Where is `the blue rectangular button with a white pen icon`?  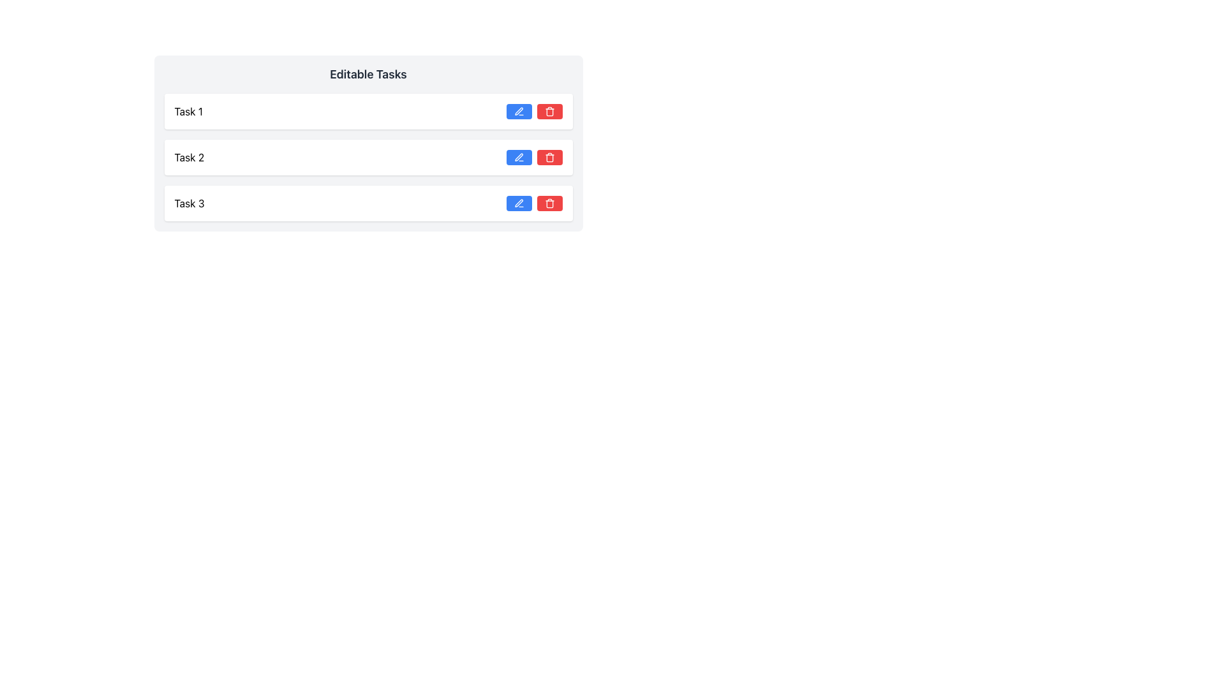
the blue rectangular button with a white pen icon is located at coordinates (519, 203).